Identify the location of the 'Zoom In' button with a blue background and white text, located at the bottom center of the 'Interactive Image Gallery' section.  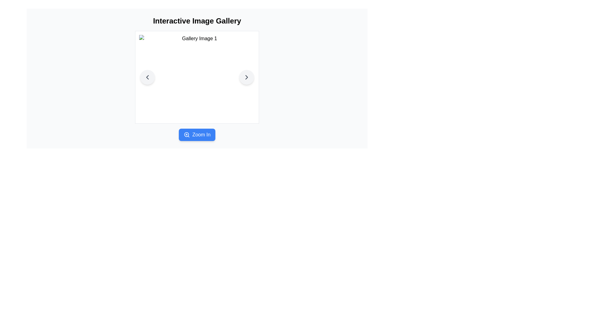
(196, 134).